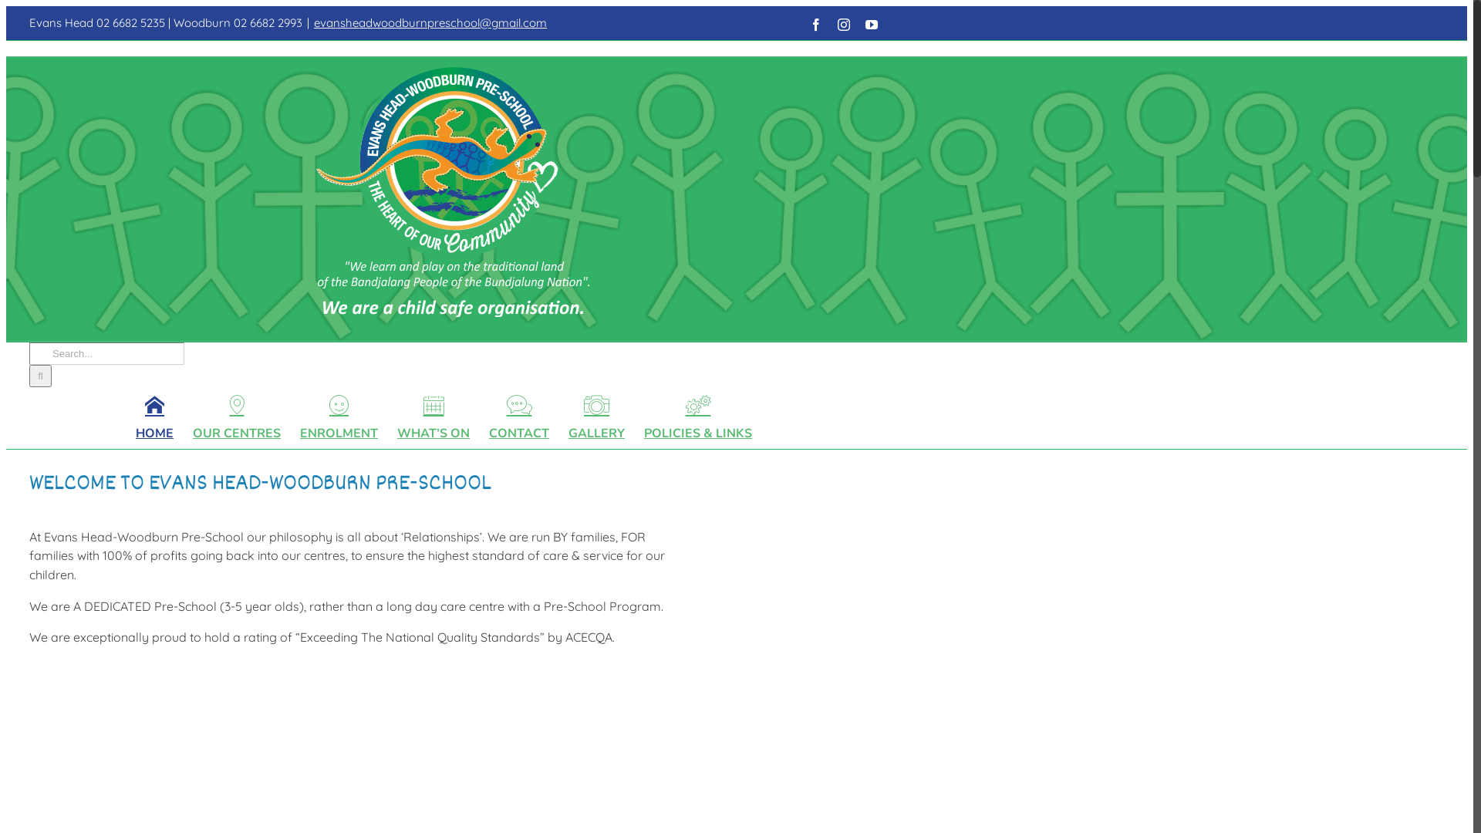 This screenshot has height=833, width=1481. I want to click on 'Instagram', so click(843, 24).